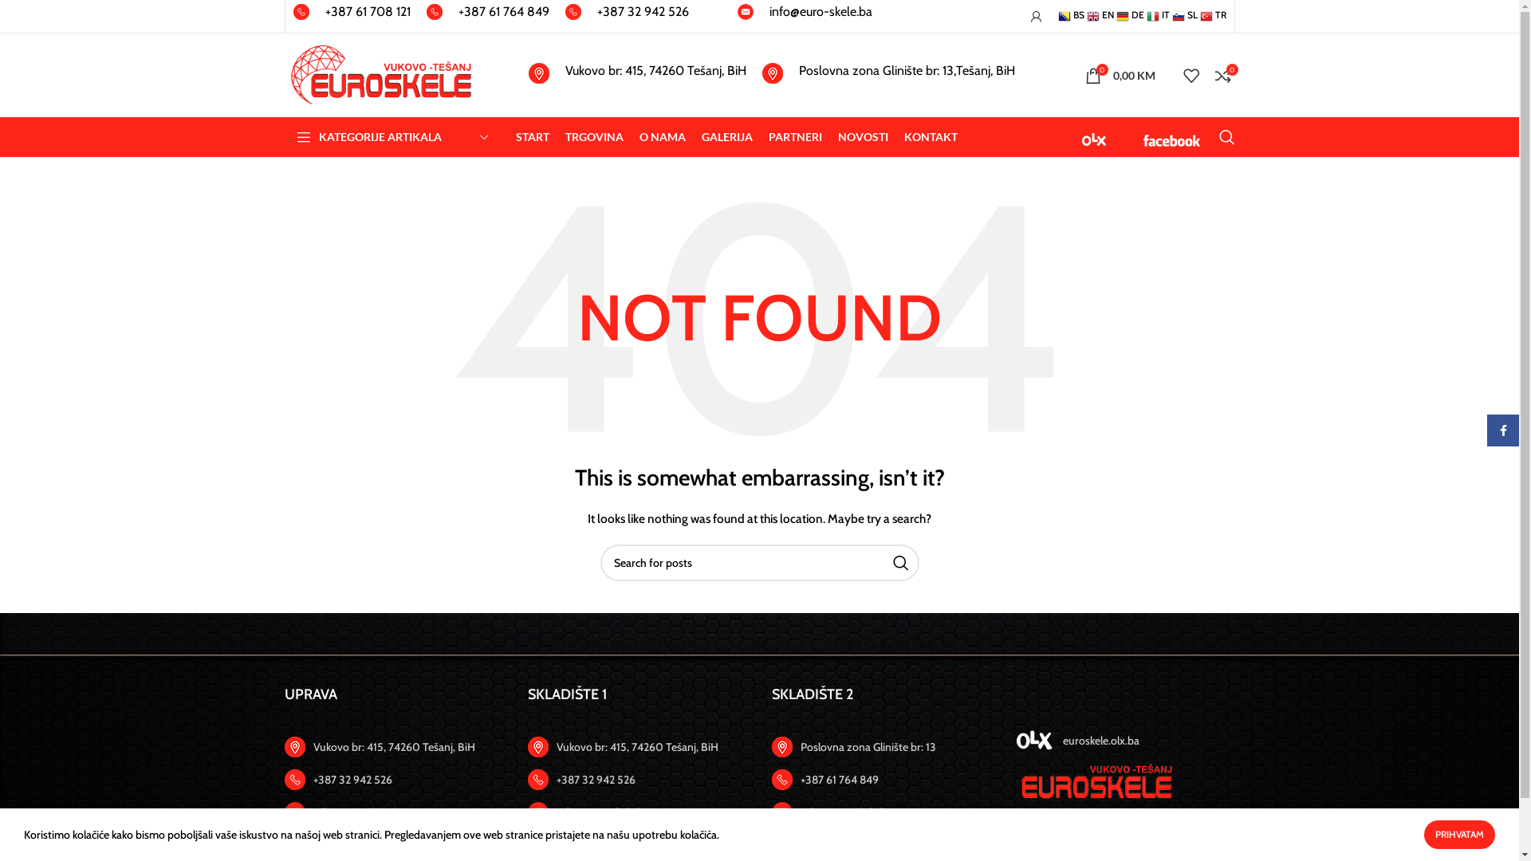 This screenshot has height=861, width=1531. What do you see at coordinates (701, 136) in the screenshot?
I see `'GALERIJA'` at bounding box center [701, 136].